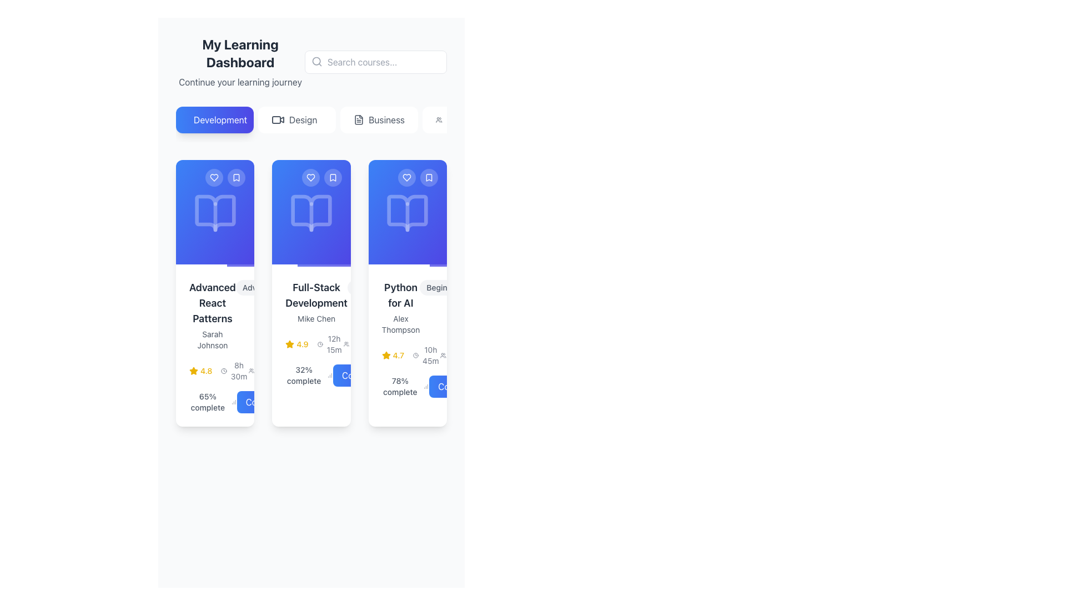 Image resolution: width=1066 pixels, height=600 pixels. What do you see at coordinates (386, 355) in the screenshot?
I see `the first rating star icon in the rating system of the 'Python for AI' course card to interact with it` at bounding box center [386, 355].